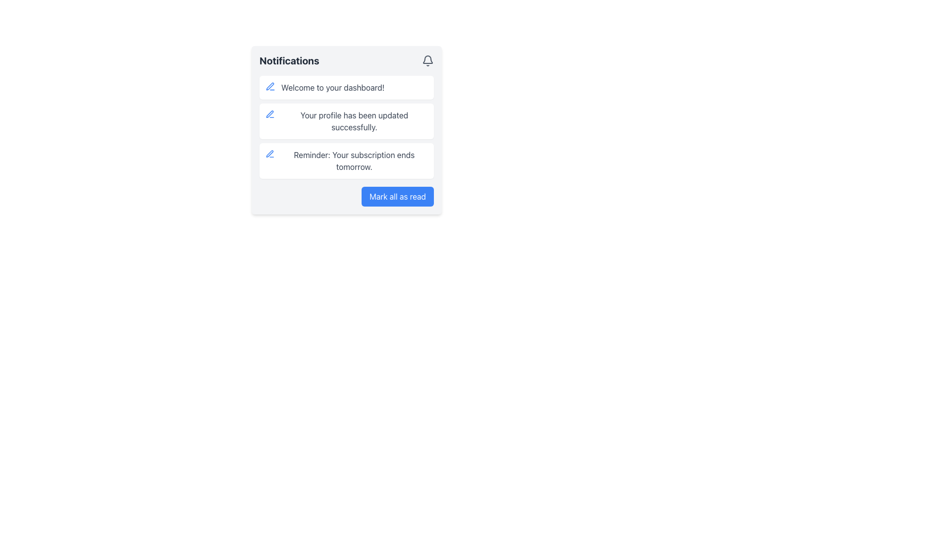  Describe the element at coordinates (354, 121) in the screenshot. I see `the informational text label that notifies the user their profile has been successfully updated, located in the middle of a vertical list of notifications` at that location.